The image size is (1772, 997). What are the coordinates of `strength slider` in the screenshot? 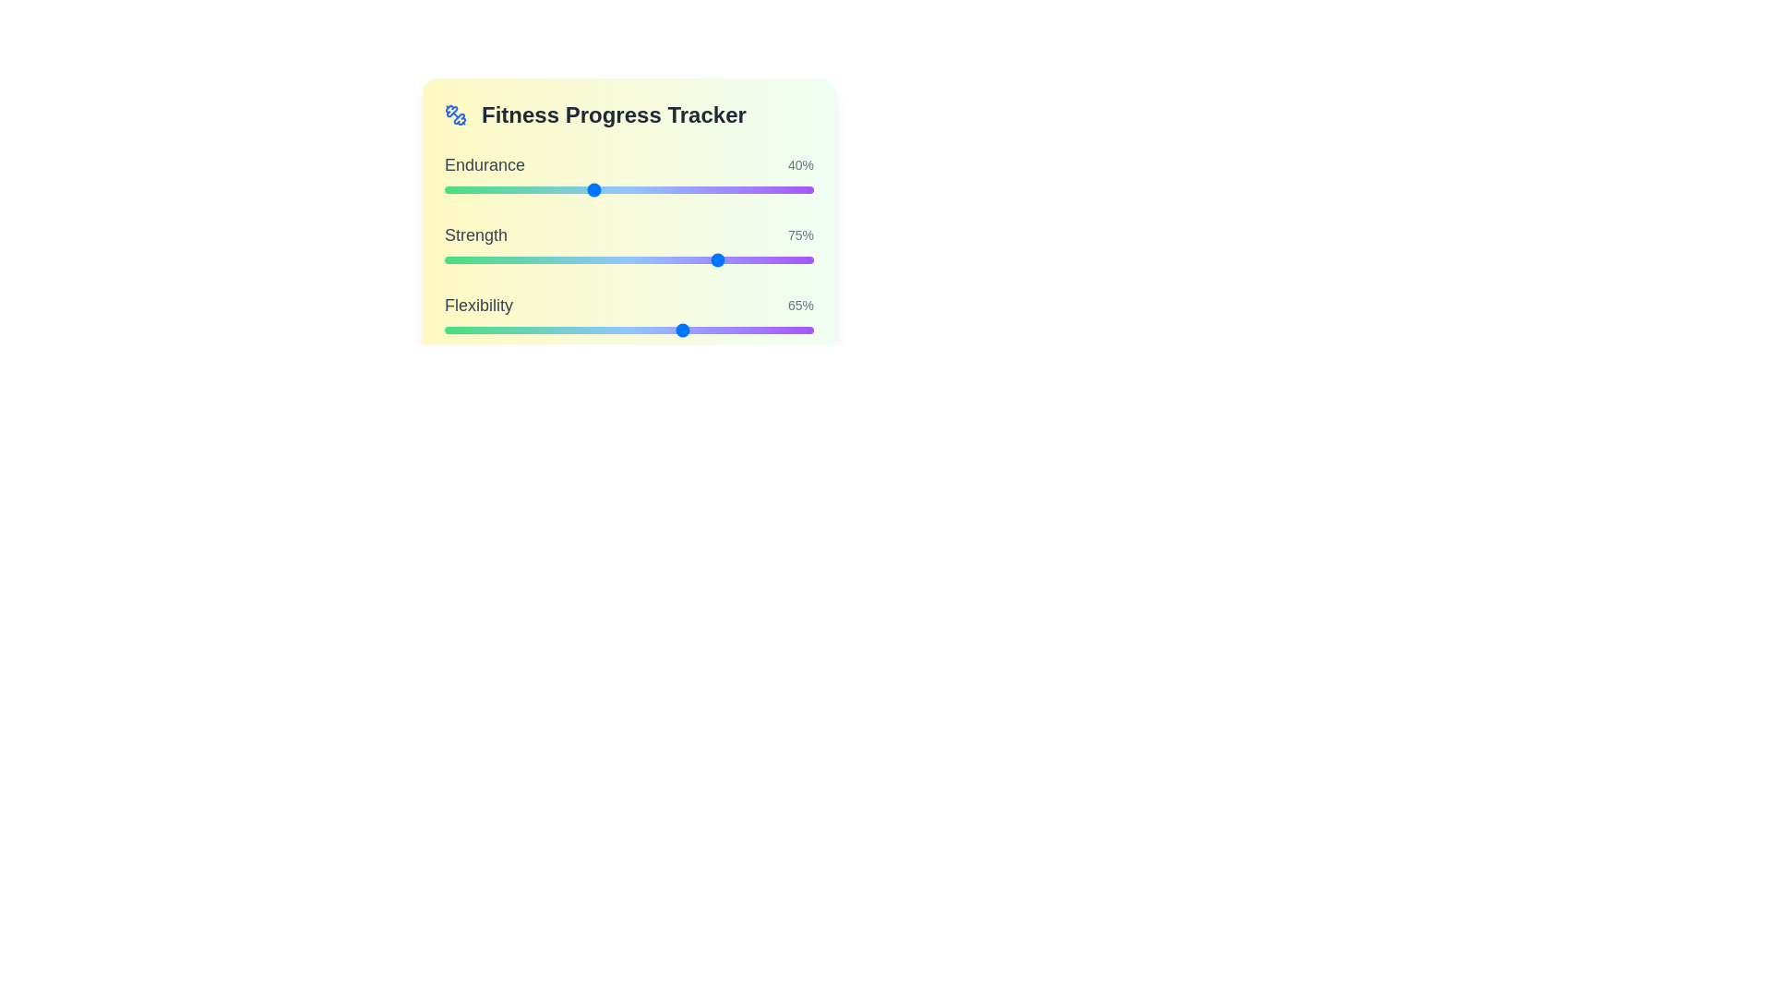 It's located at (784, 259).